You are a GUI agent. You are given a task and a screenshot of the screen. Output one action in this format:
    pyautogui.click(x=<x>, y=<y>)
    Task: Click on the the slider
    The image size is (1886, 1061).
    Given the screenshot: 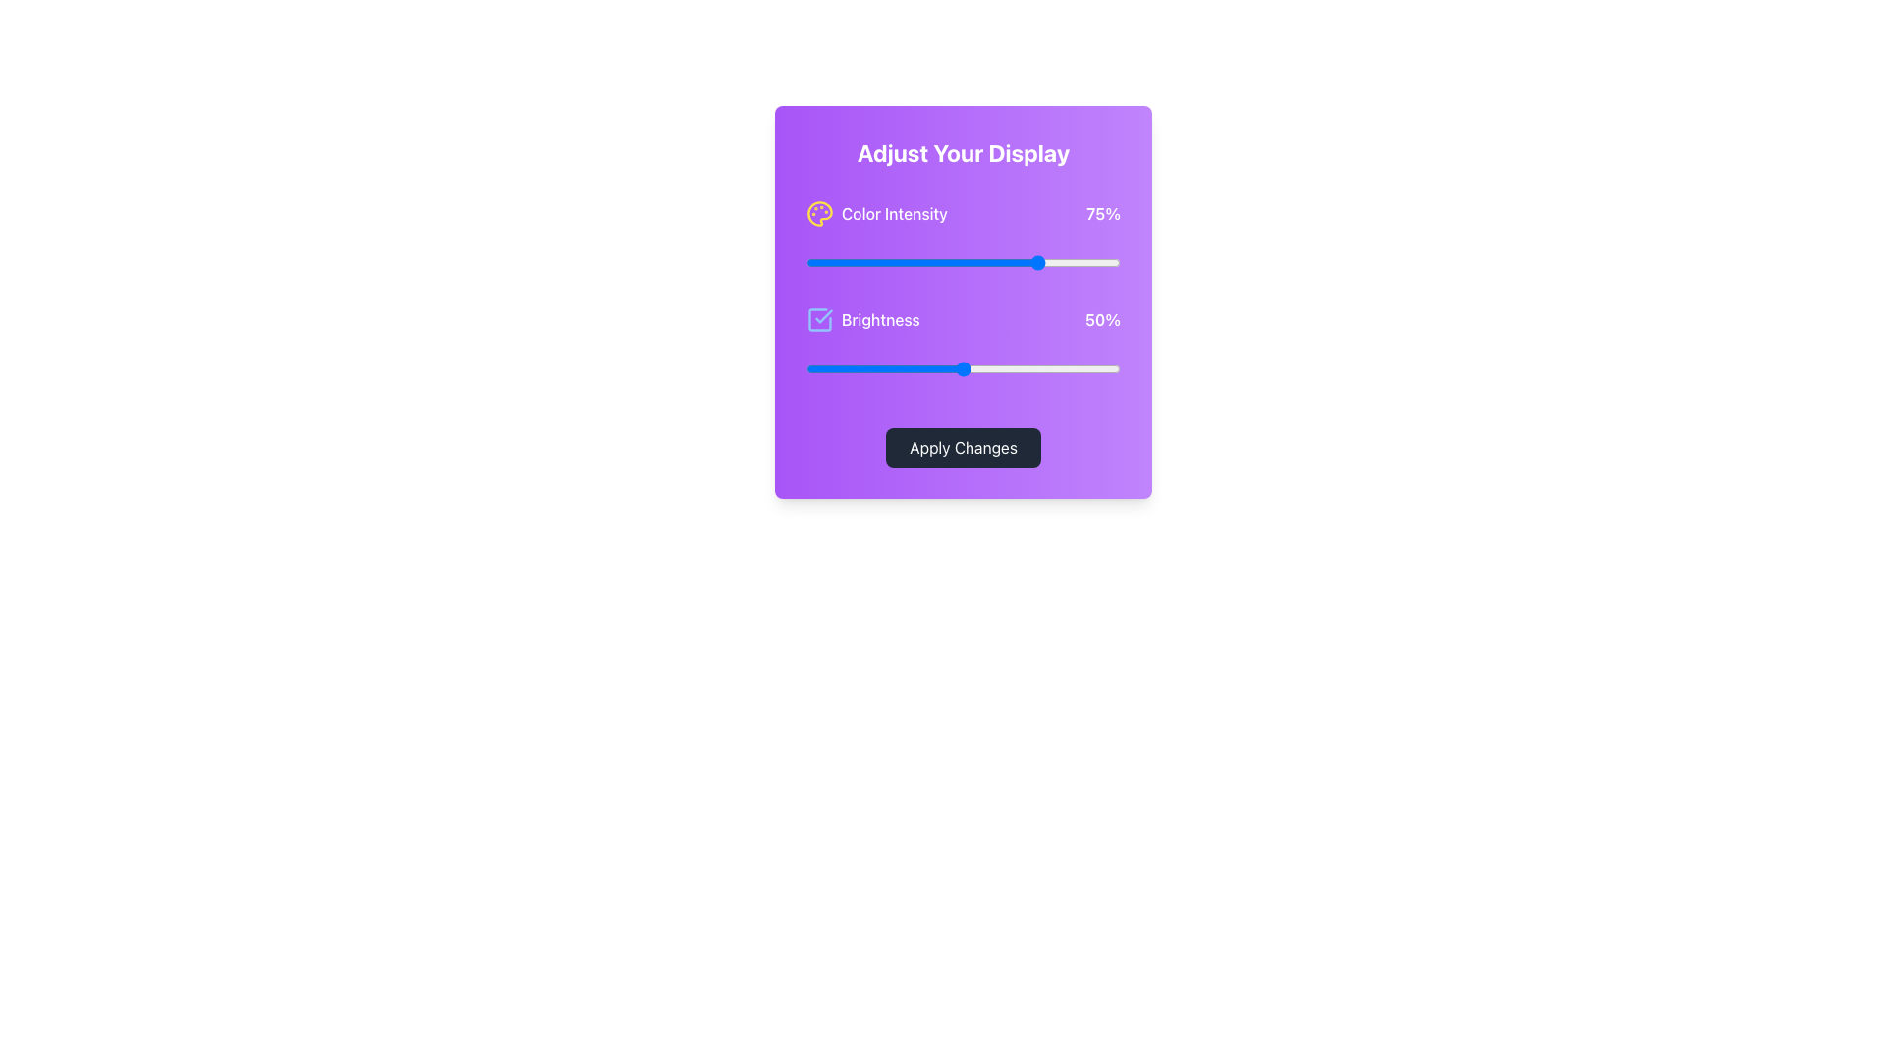 What is the action you would take?
    pyautogui.click(x=970, y=261)
    